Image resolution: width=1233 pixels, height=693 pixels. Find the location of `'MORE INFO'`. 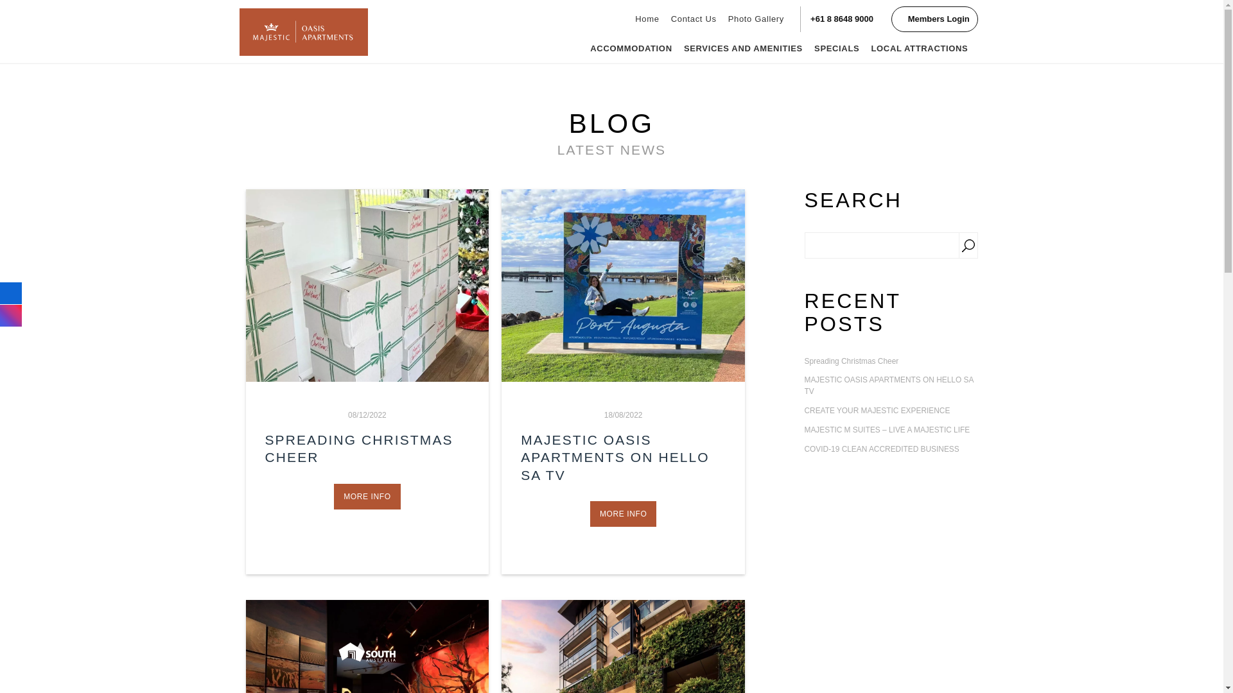

'MORE INFO' is located at coordinates (366, 496).